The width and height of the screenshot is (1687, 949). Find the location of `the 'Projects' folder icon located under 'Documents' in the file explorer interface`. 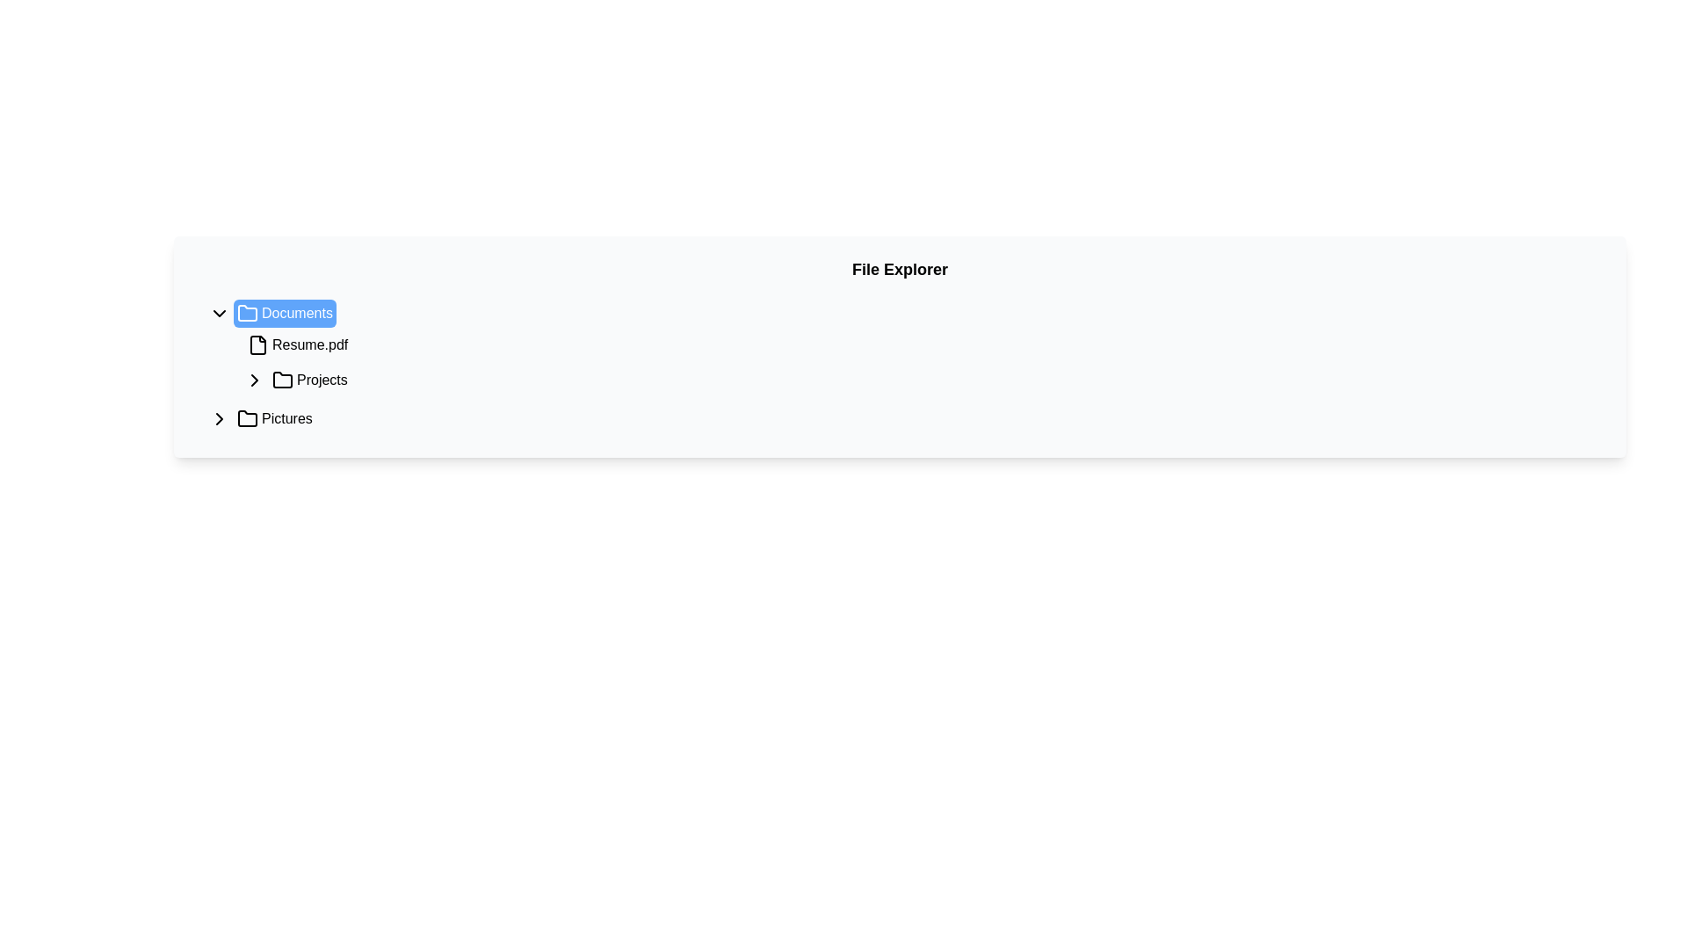

the 'Projects' folder icon located under 'Documents' in the file explorer interface is located at coordinates (282, 379).